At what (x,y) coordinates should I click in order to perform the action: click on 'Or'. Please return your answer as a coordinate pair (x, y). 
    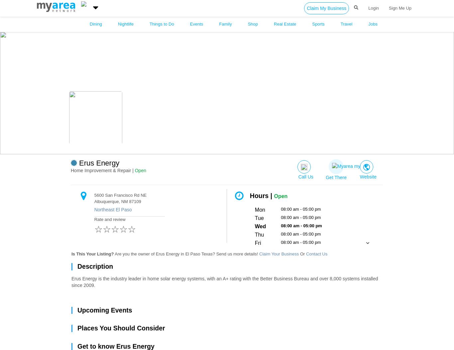
    Looking at the image, I should click on (302, 253).